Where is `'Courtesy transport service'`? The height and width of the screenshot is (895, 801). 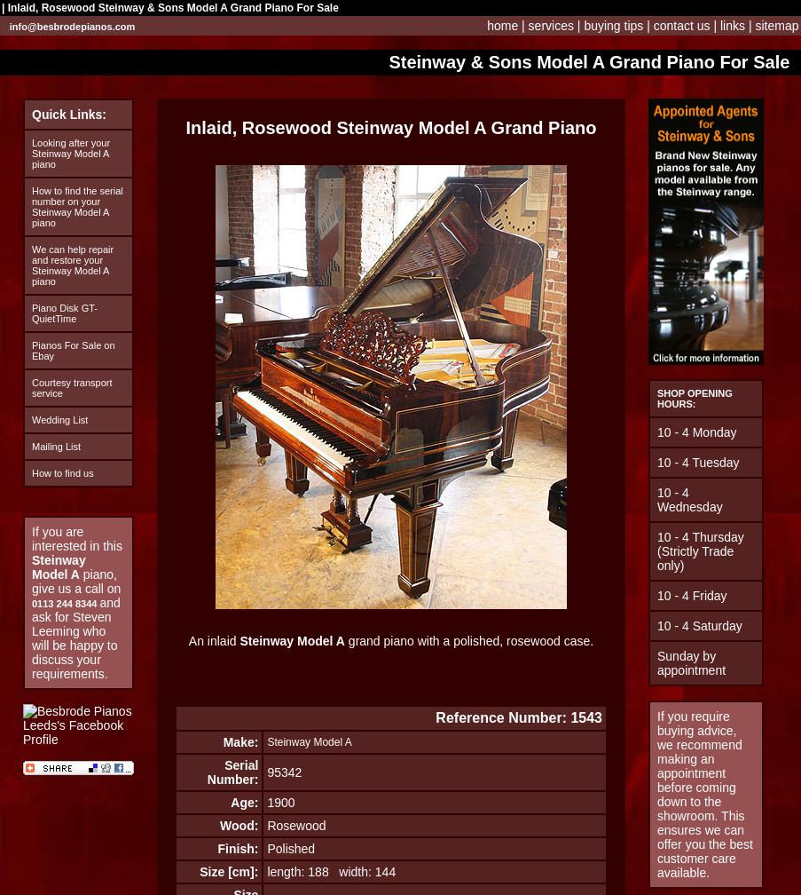
'Courtesy transport service' is located at coordinates (71, 387).